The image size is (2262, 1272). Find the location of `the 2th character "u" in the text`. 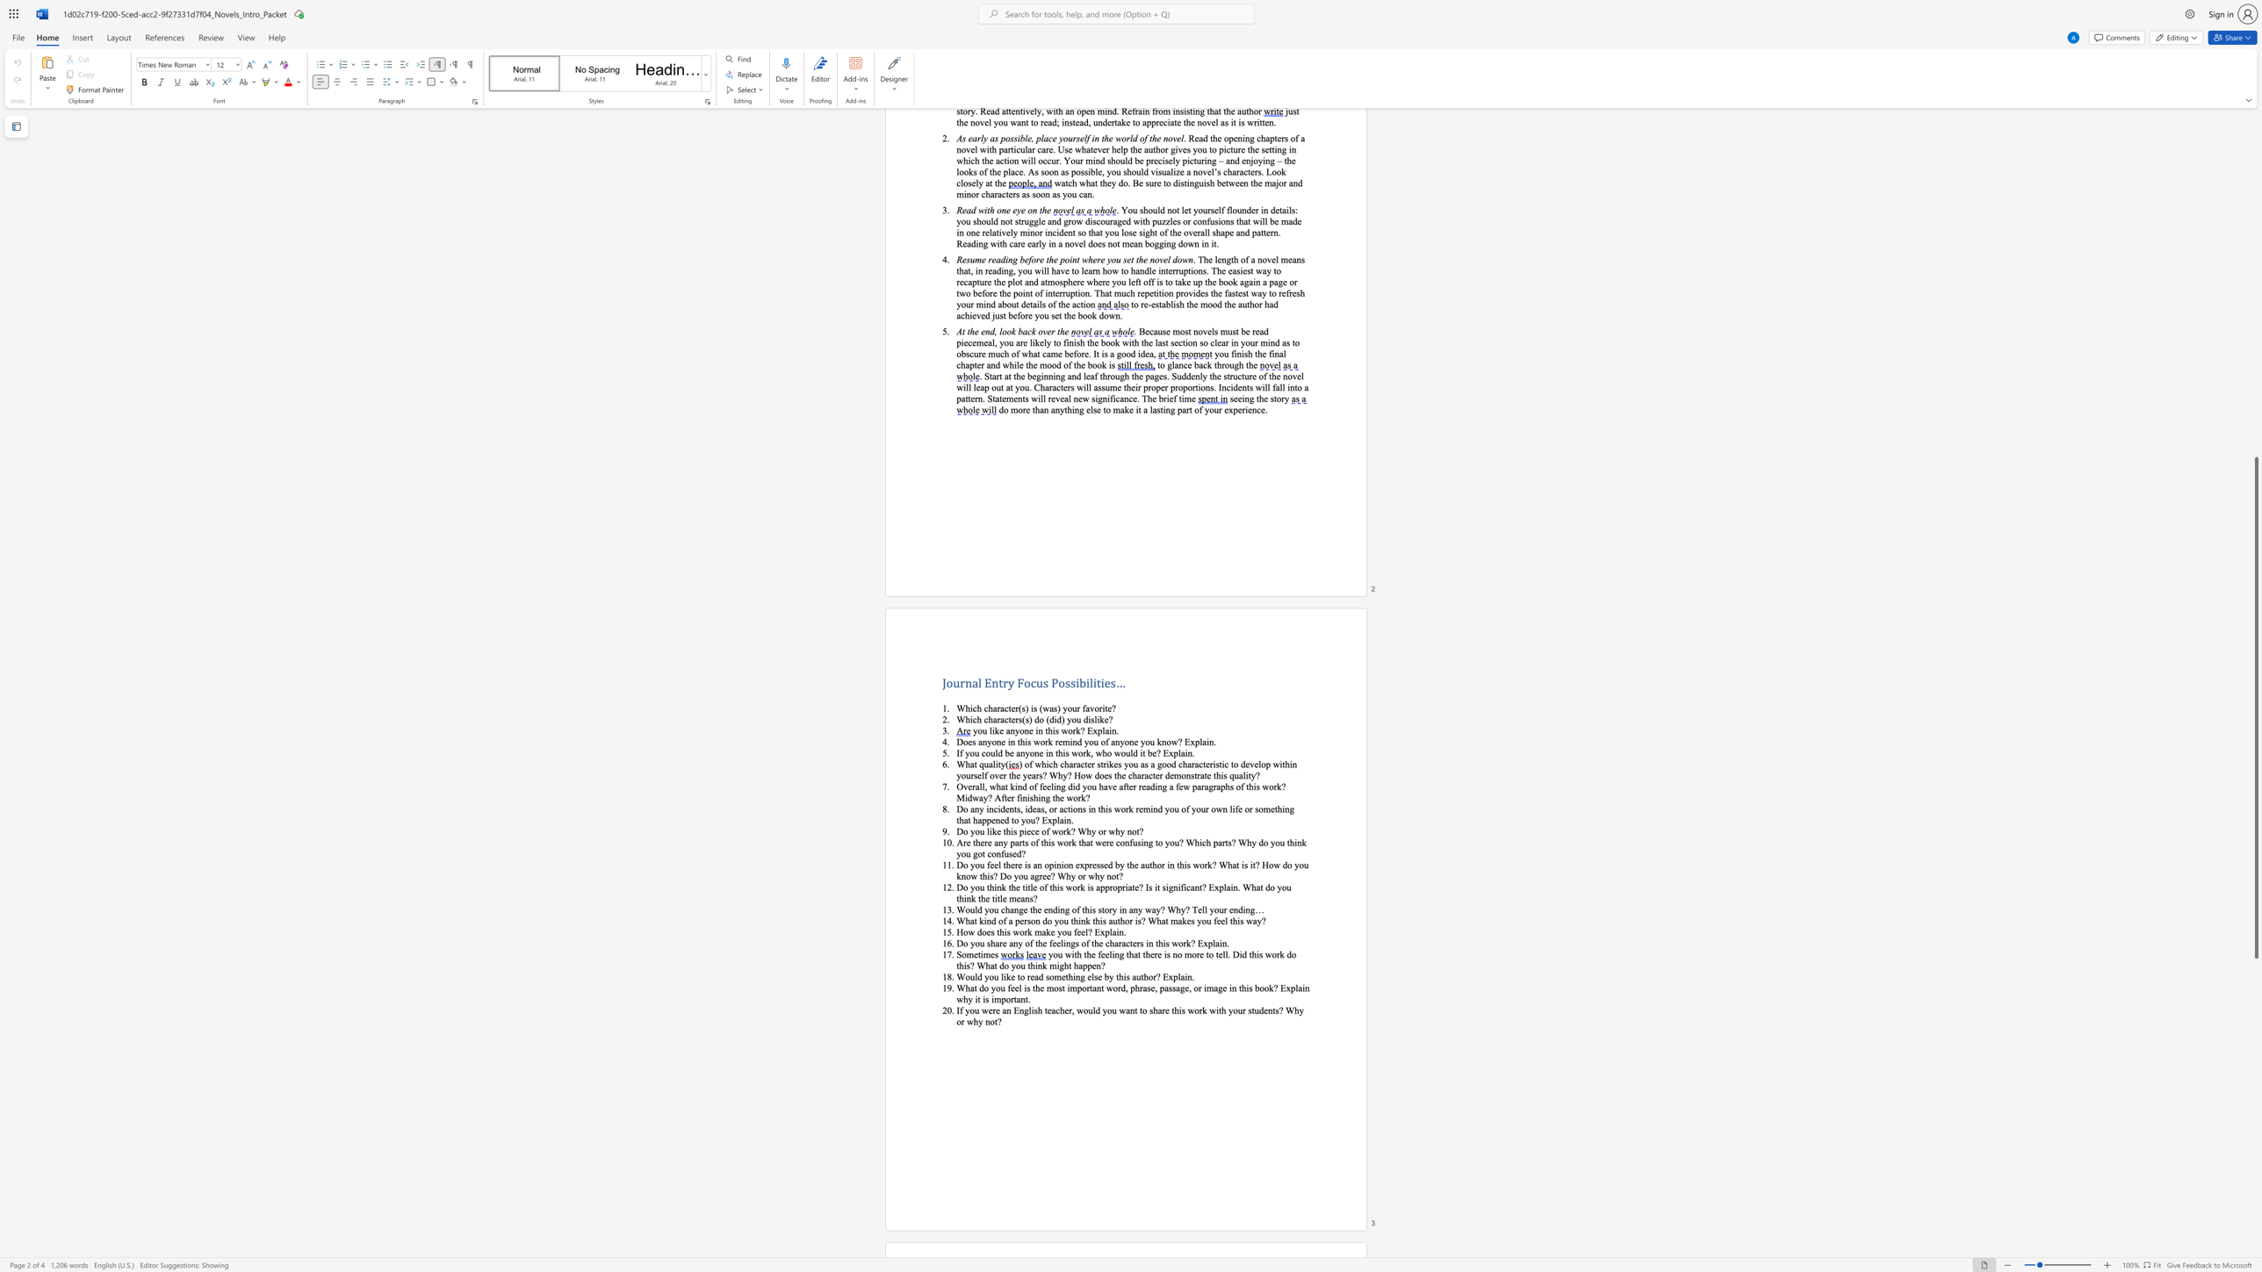

the 2th character "u" in the text is located at coordinates (1114, 919).